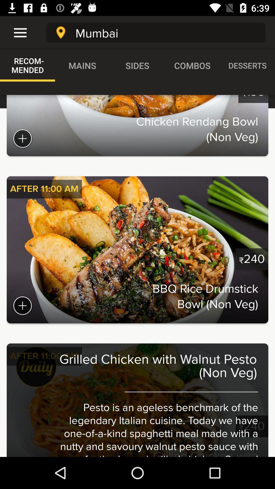 This screenshot has width=275, height=489. I want to click on the menu icon, so click(17, 32).